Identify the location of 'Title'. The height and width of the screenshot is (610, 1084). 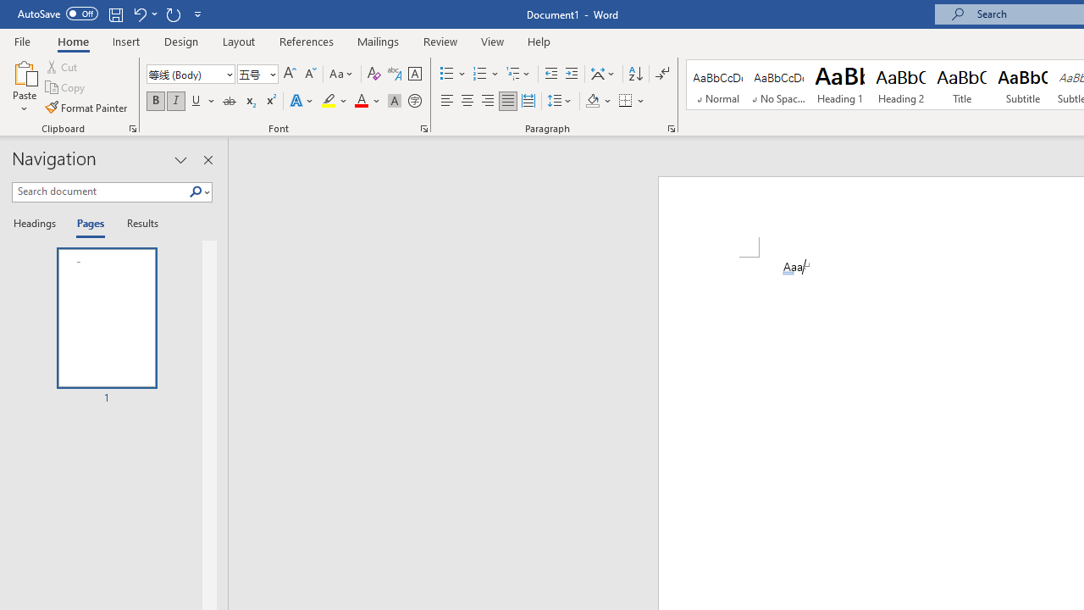
(962, 85).